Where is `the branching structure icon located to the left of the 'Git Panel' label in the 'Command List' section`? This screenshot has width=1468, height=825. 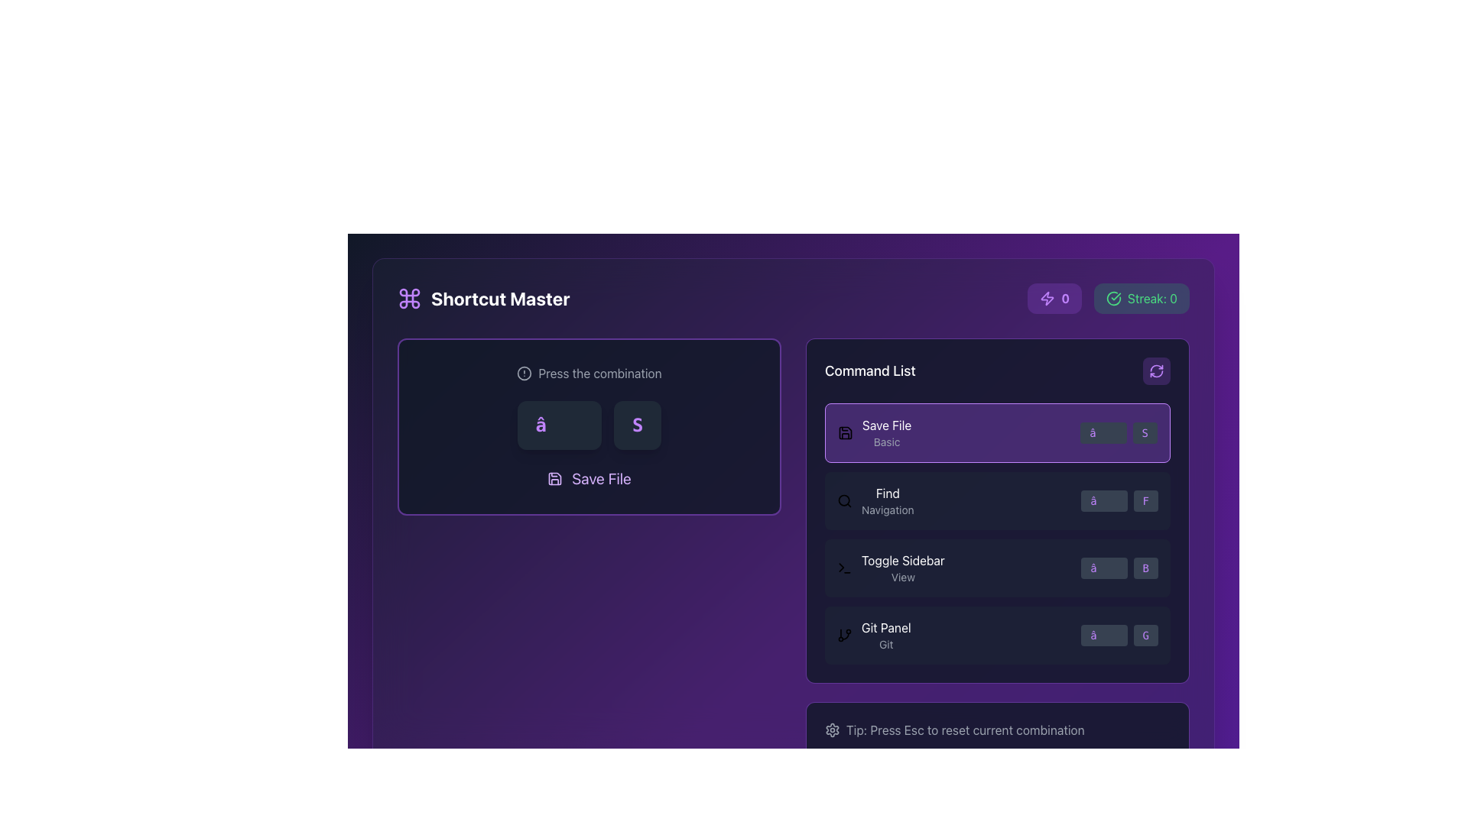 the branching structure icon located to the left of the 'Git Panel' label in the 'Command List' section is located at coordinates (843, 636).